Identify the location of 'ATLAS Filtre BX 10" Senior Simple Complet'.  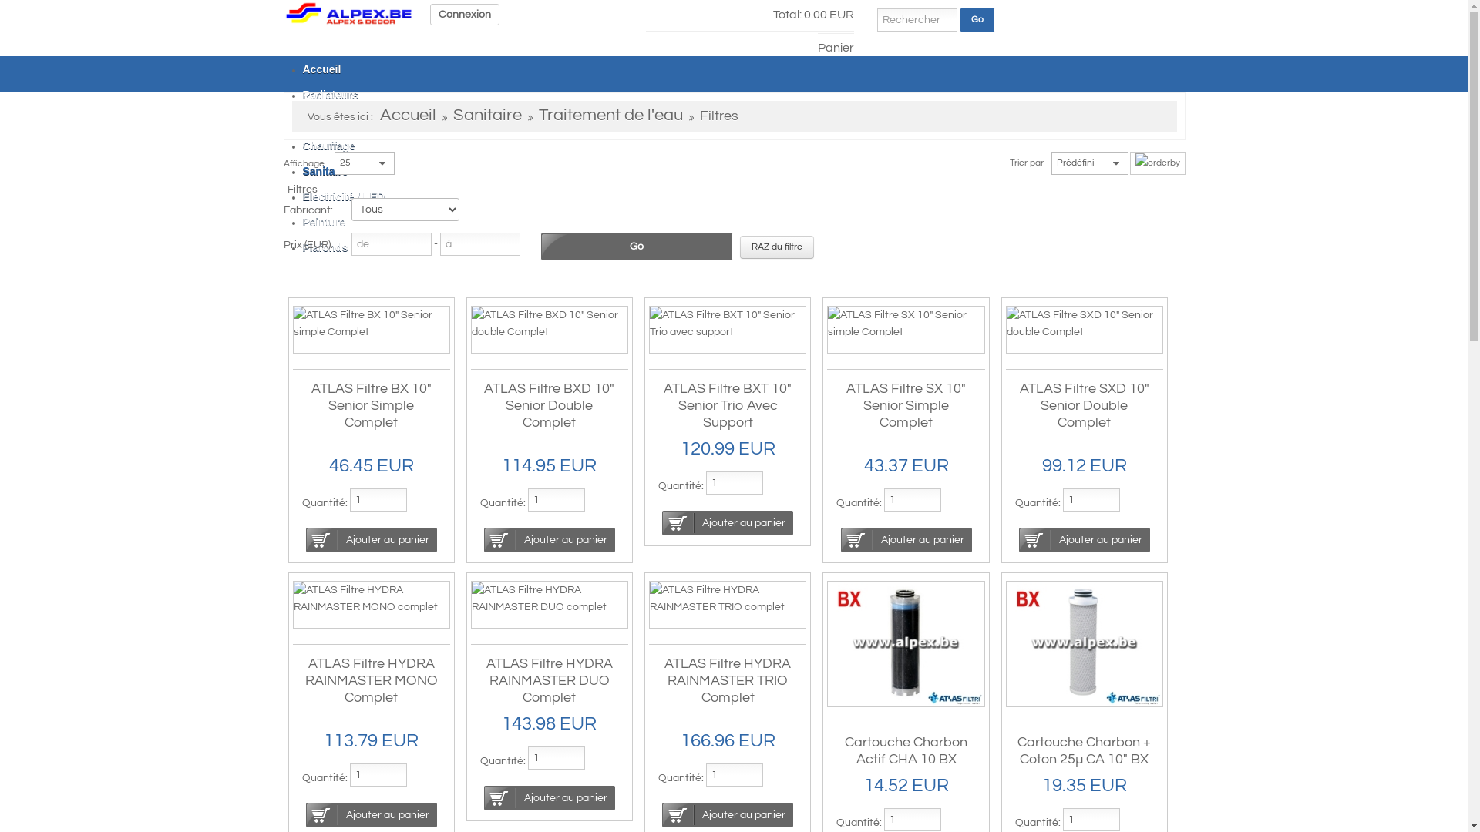
(371, 404).